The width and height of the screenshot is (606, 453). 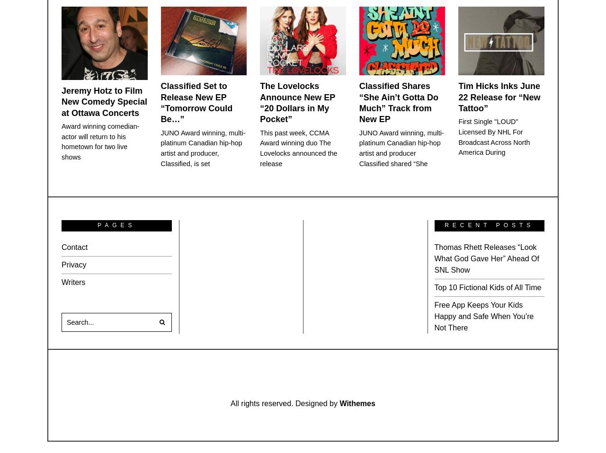 I want to click on 'Contact', so click(x=74, y=247).